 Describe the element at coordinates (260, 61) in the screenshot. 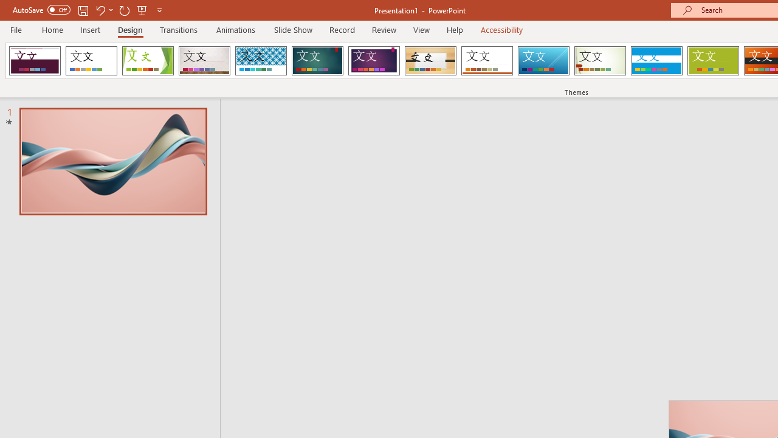

I see `'Integral'` at that location.